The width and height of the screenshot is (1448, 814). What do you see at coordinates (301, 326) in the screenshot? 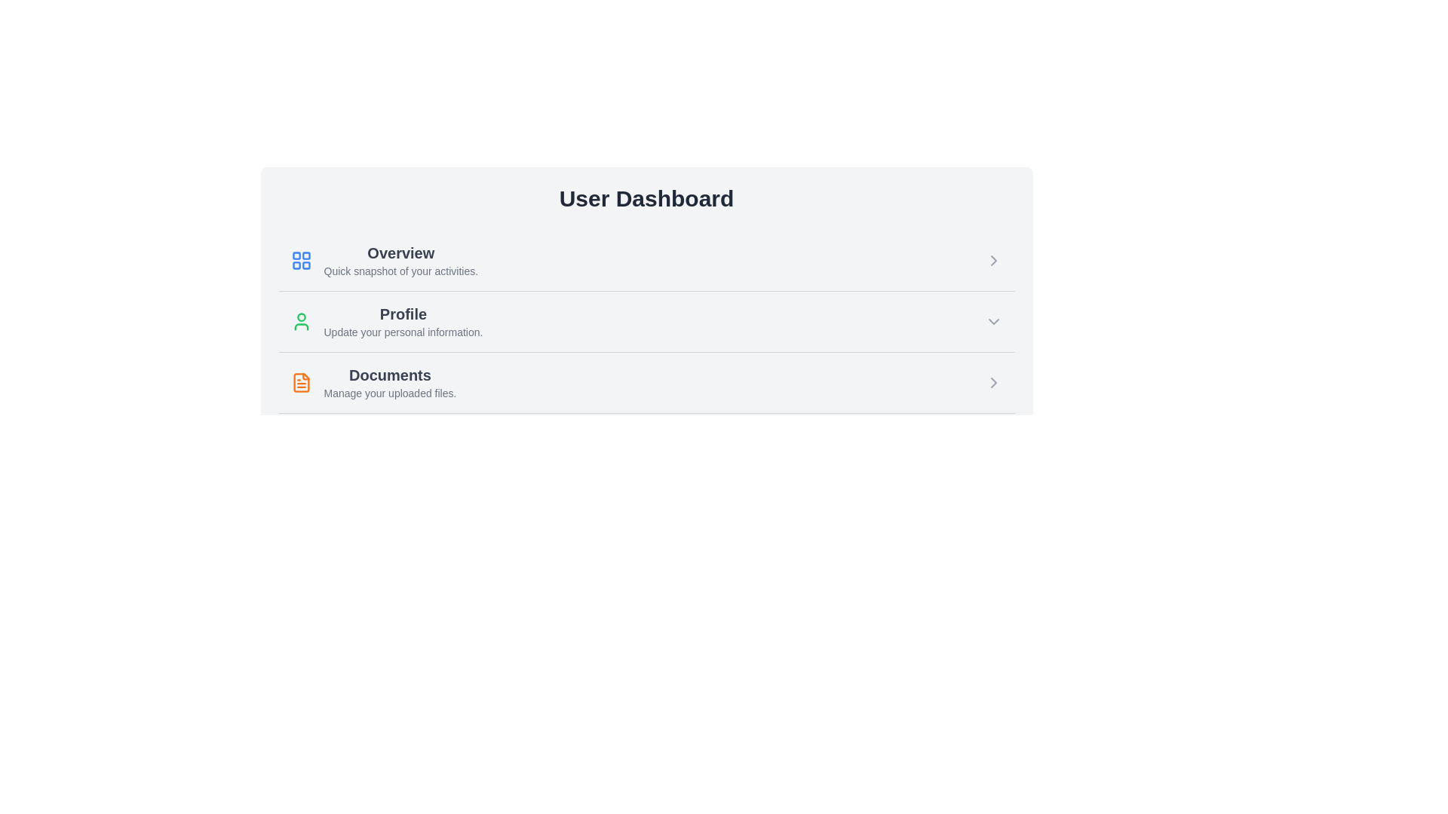
I see `the bottom half of the 'Profile' icon on the User Dashboard, which represents the body portion of the icon` at bounding box center [301, 326].